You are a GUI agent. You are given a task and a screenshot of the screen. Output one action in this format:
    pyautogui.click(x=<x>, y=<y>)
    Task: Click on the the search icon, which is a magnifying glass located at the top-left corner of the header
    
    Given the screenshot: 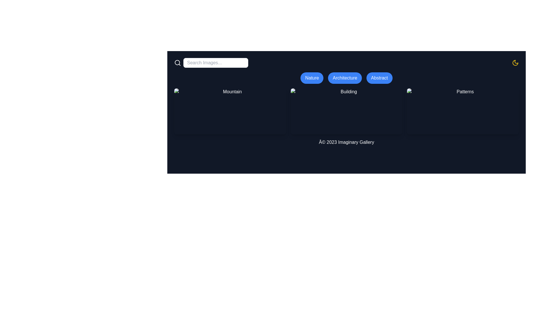 What is the action you would take?
    pyautogui.click(x=177, y=63)
    